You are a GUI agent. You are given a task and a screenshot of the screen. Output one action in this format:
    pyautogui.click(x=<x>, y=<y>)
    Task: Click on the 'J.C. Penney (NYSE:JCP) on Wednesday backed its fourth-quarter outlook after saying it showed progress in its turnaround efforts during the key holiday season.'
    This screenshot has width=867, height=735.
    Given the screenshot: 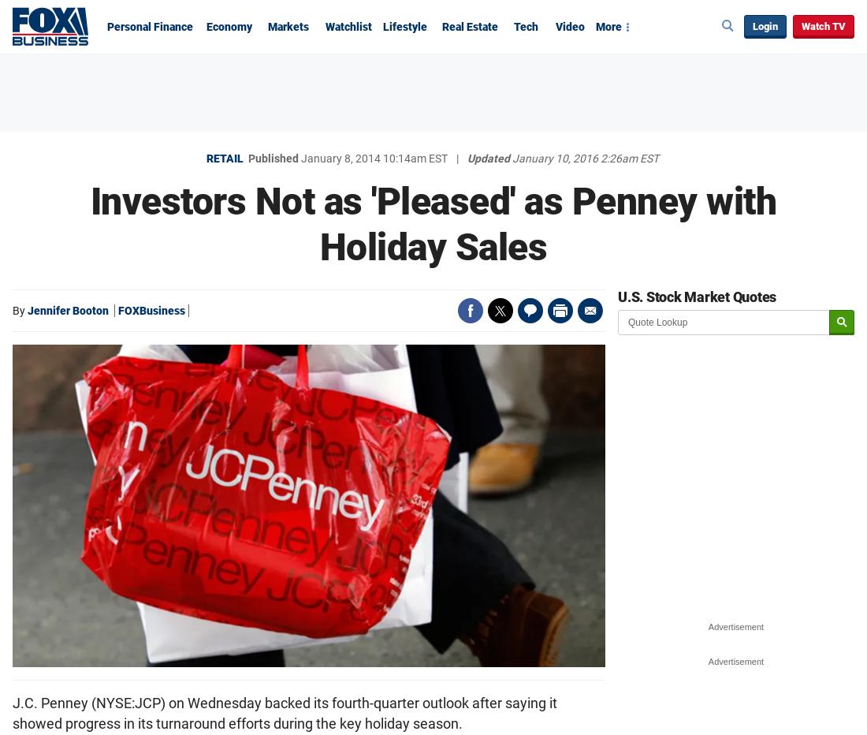 What is the action you would take?
    pyautogui.click(x=11, y=712)
    